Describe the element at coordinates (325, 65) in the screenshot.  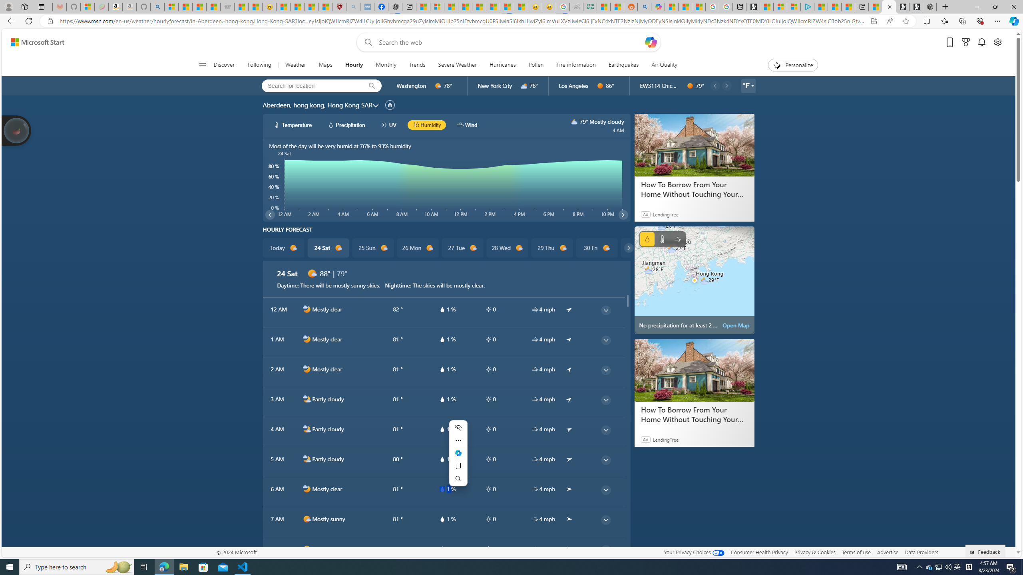
I see `'Maps'` at that location.